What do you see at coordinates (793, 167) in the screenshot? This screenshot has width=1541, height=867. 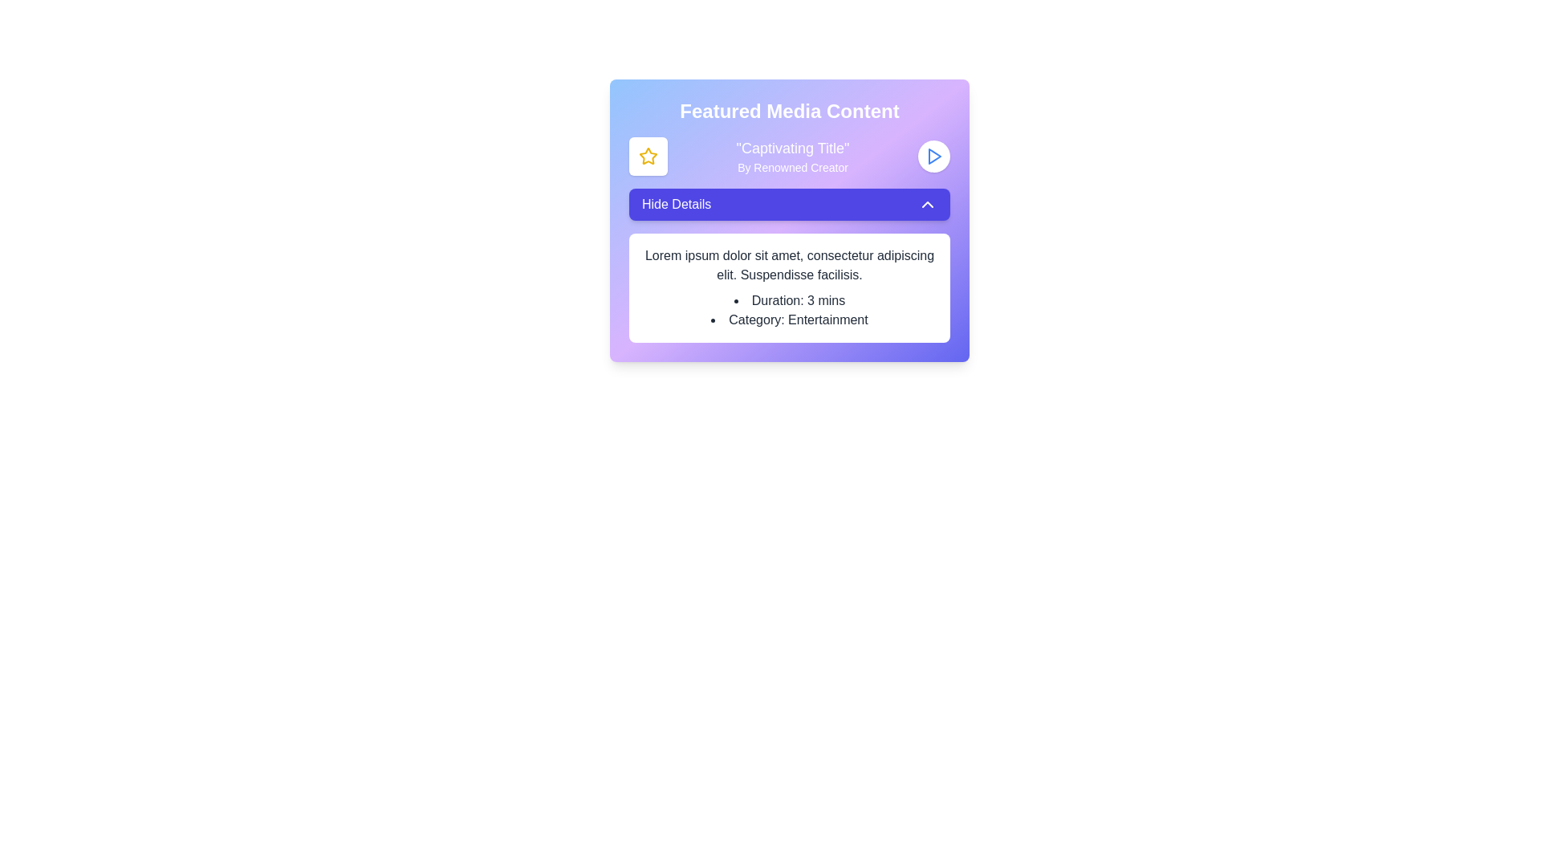 I see `the text label displaying 'By Renowned Creator' which is located below the text 'Captivating Title' in a gradient purple background` at bounding box center [793, 167].